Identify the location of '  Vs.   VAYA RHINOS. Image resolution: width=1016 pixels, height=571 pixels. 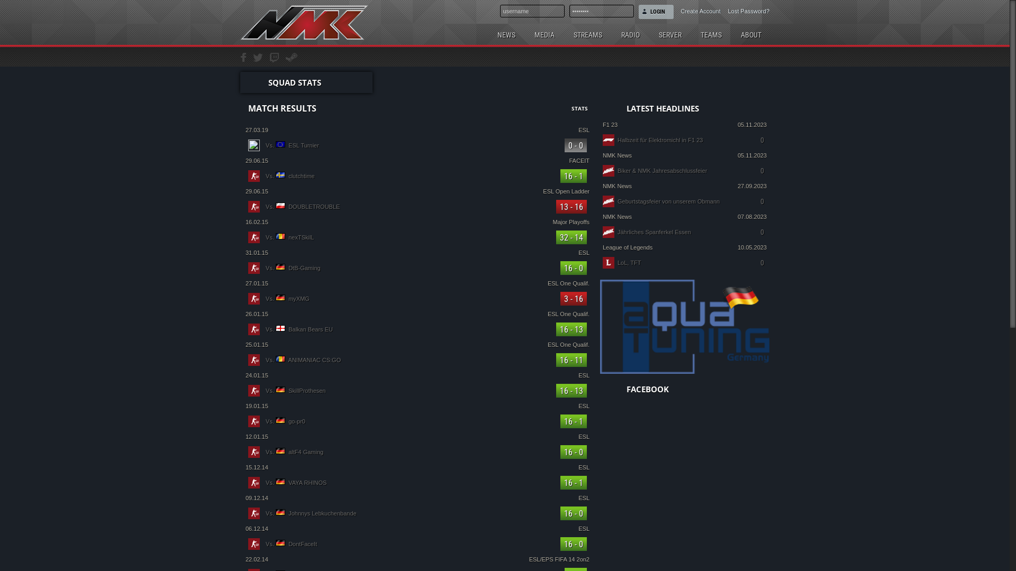
(416, 483).